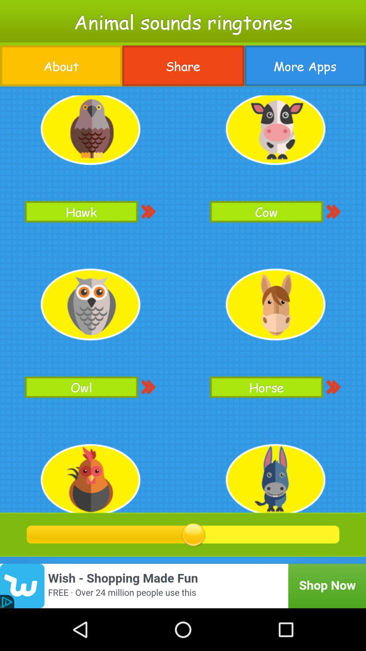  I want to click on the item below animal sounds ringtones icon, so click(183, 66).